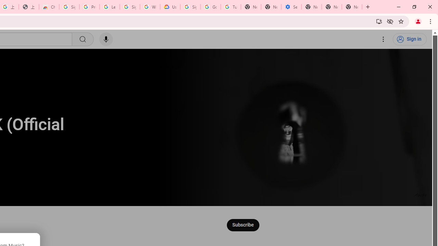  Describe the element at coordinates (69, 7) in the screenshot. I see `'Sign in - Google Accounts'` at that location.